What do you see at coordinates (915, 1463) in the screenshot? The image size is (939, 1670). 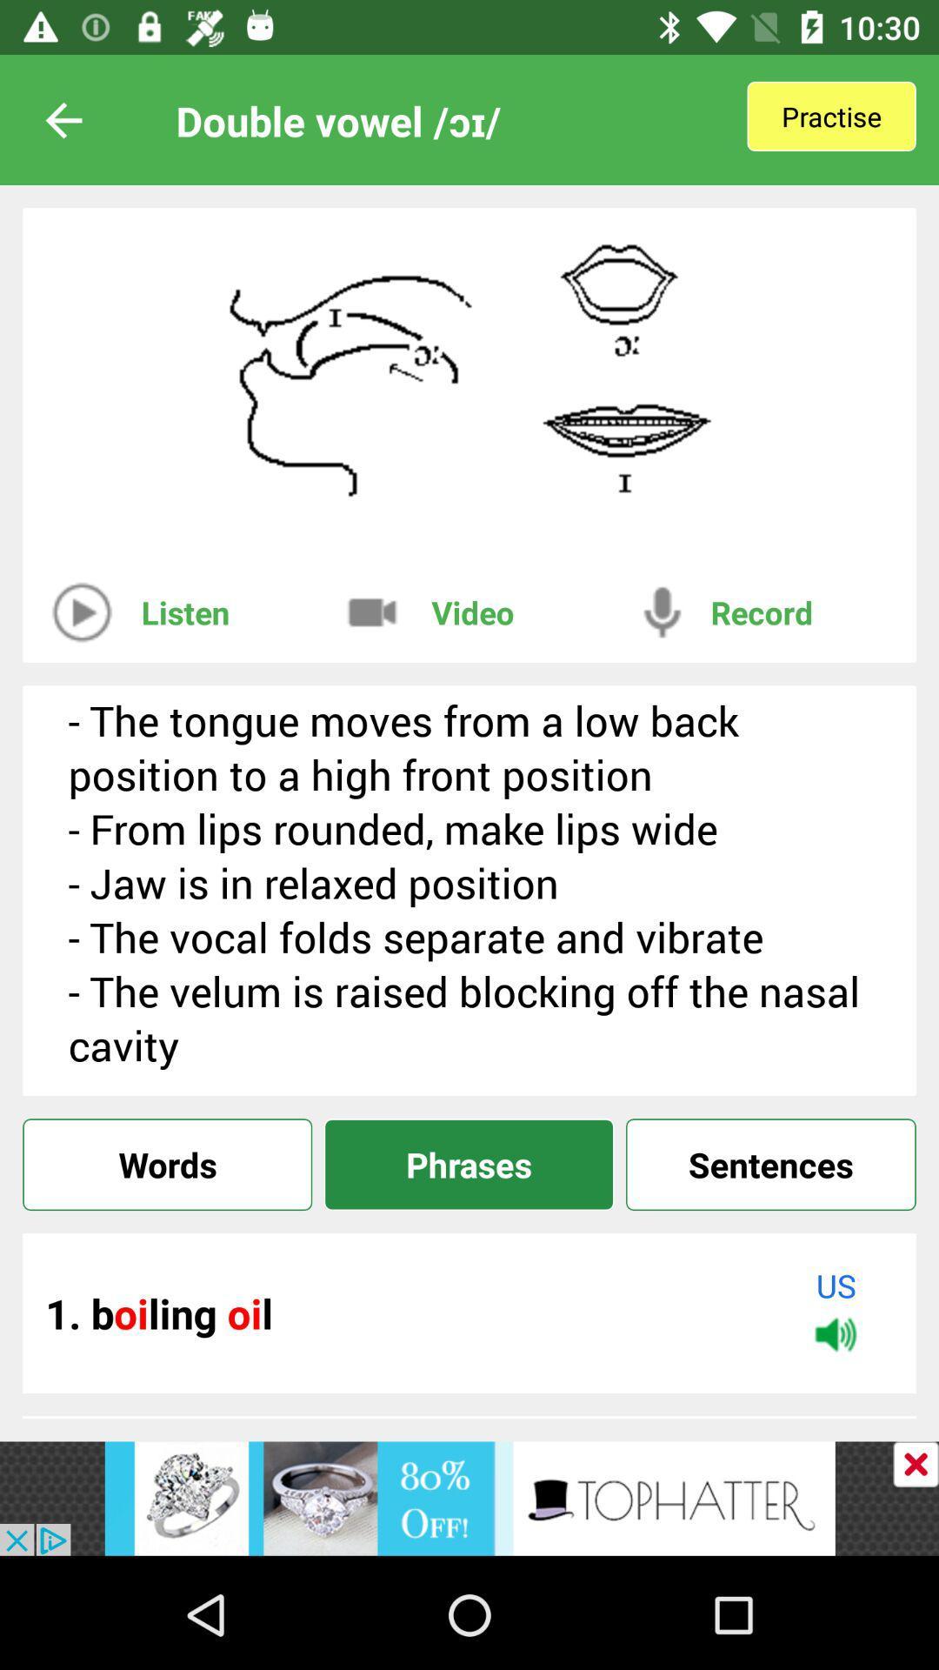 I see `the close icon` at bounding box center [915, 1463].